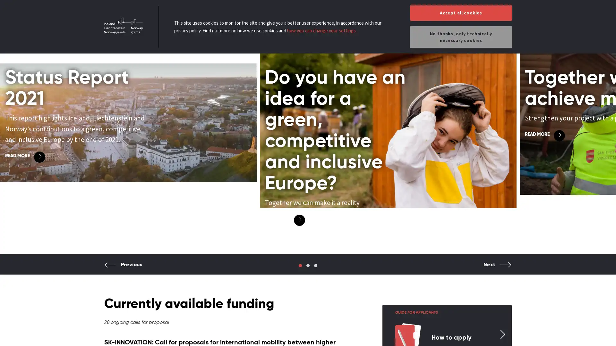 This screenshot has width=616, height=346. I want to click on Accept all cookies, so click(460, 13).